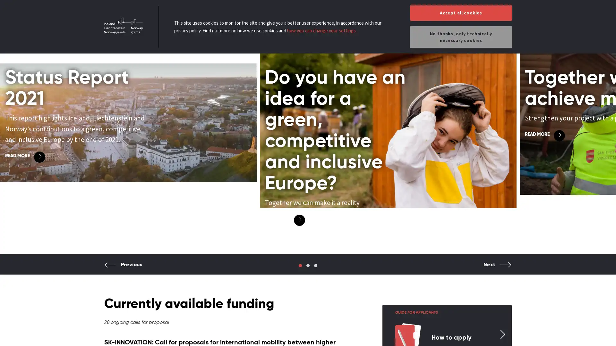 This screenshot has width=616, height=346. I want to click on Accept all cookies, so click(460, 13).